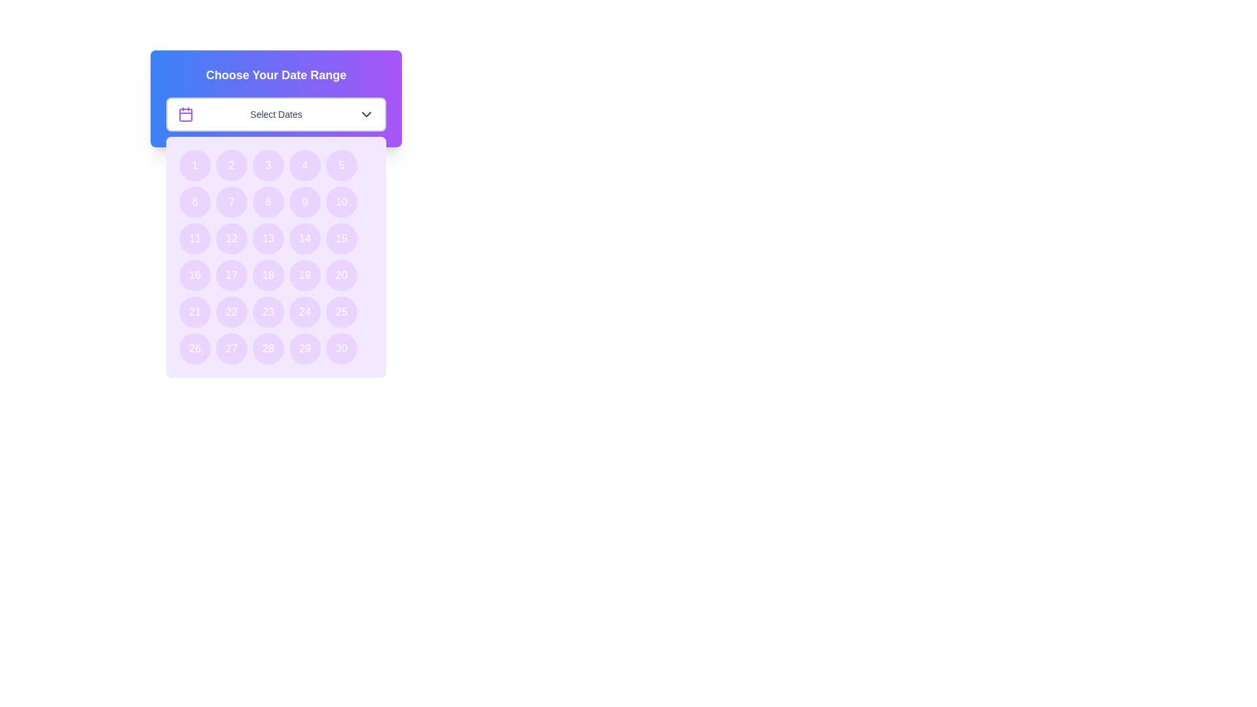 The height and width of the screenshot is (707, 1257). What do you see at coordinates (304, 274) in the screenshot?
I see `the button representing a selectable date in the fourth row and fourth column of the calendar interface` at bounding box center [304, 274].